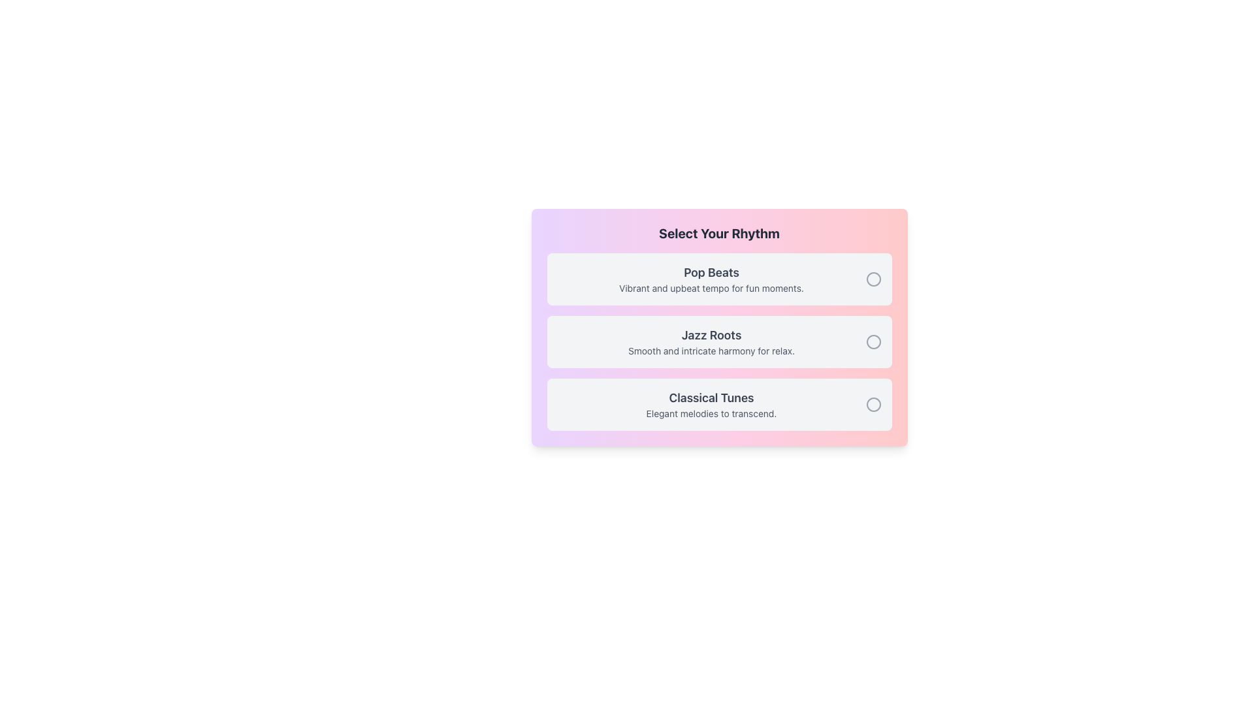 The height and width of the screenshot is (705, 1254). I want to click on the SVG Circle Indicator associated with the 'Classical Tunes' option, which is the third item in a vertical list of selectable items, so click(873, 404).